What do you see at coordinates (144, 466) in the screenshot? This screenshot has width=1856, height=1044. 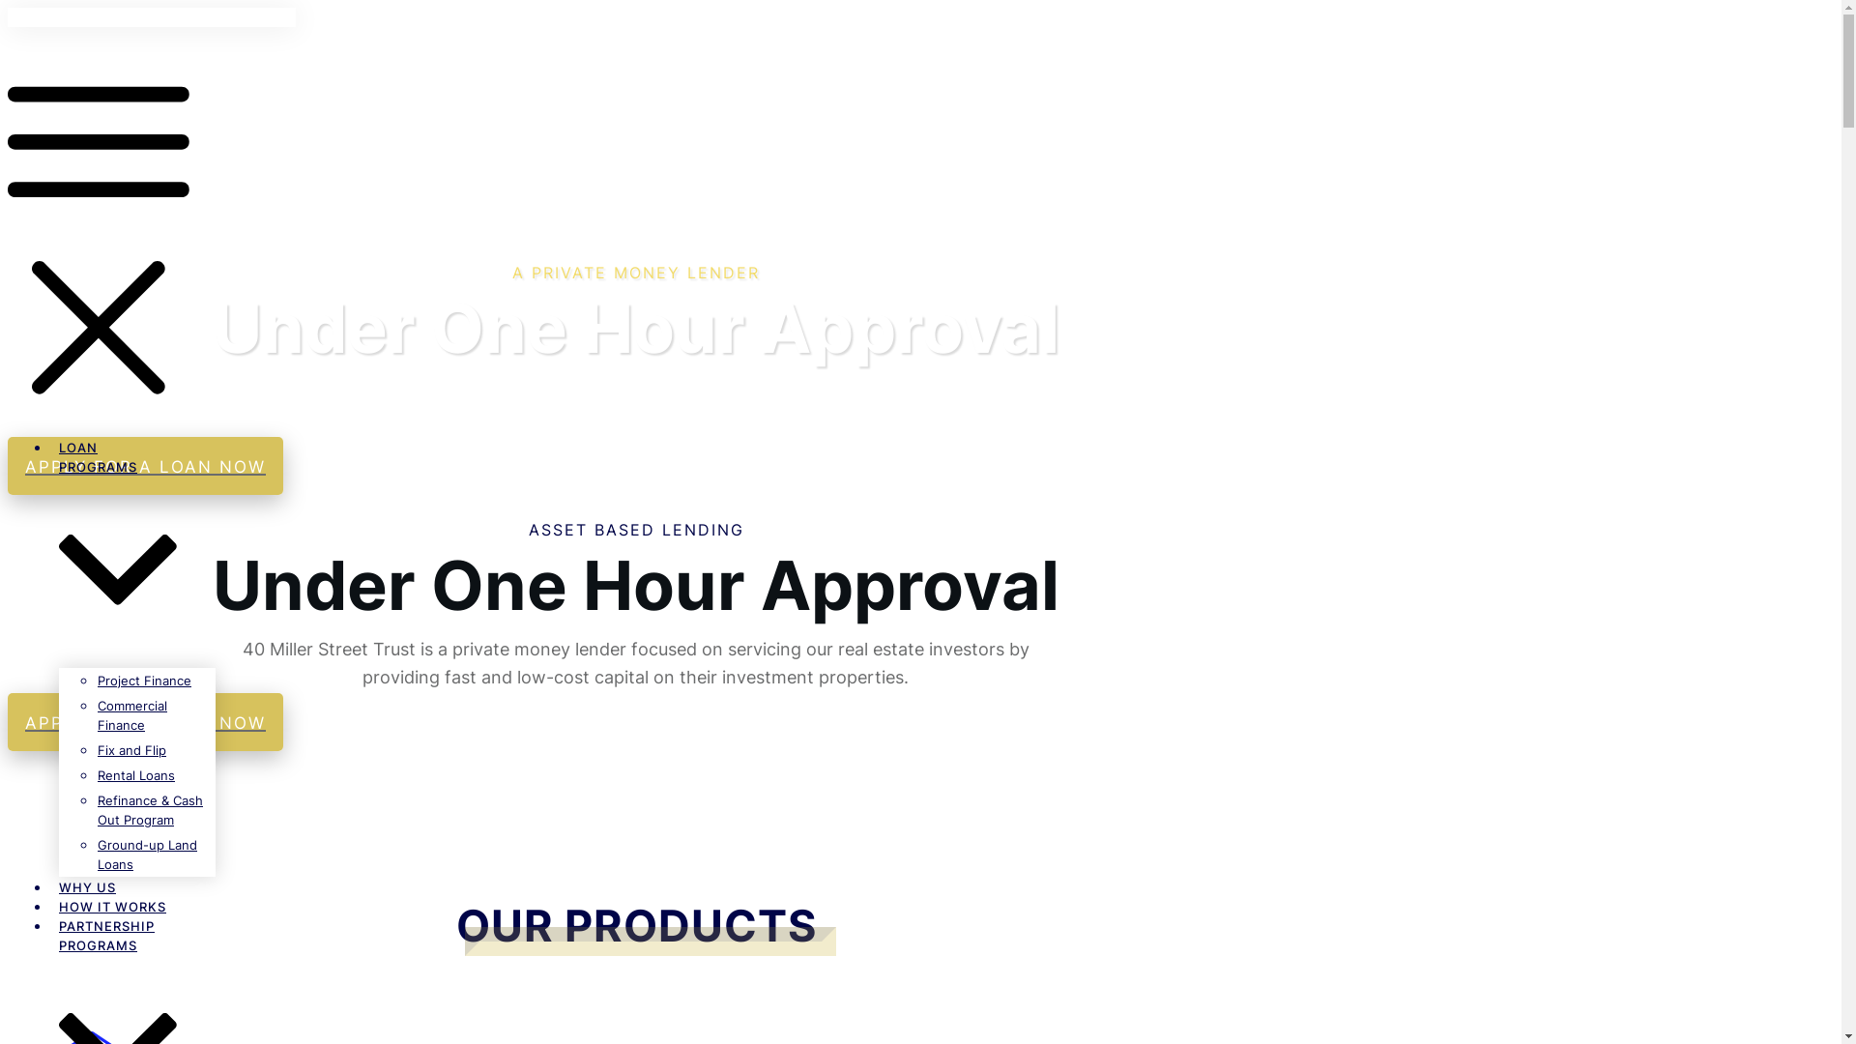 I see `'APPLY FOR A LOAN NOW'` at bounding box center [144, 466].